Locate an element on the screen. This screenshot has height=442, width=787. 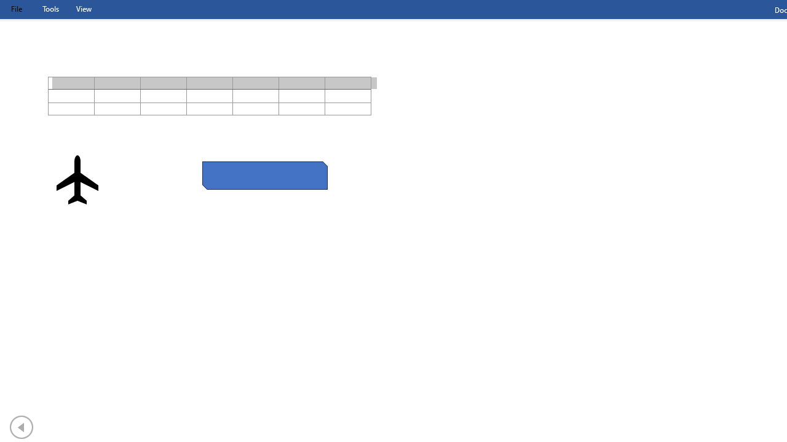
'Tools' is located at coordinates (50, 9).